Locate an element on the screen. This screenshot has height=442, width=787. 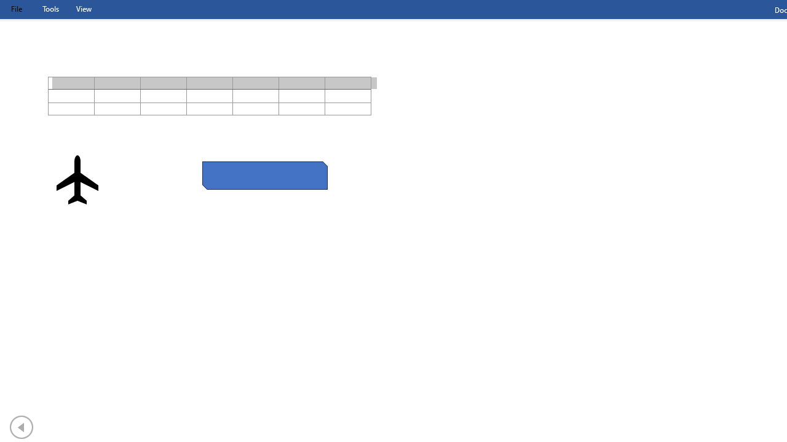
'Tools' is located at coordinates (50, 9).